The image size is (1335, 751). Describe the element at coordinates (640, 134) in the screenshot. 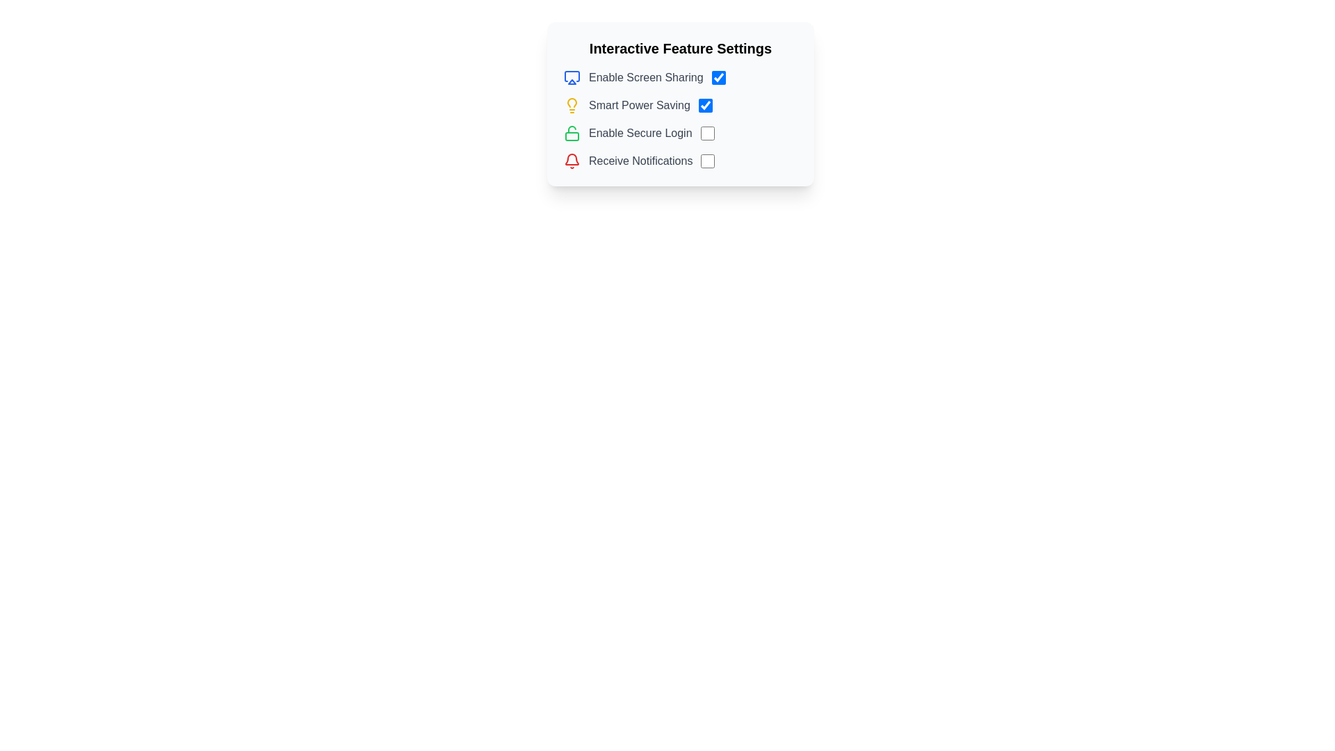

I see `the text label 'Enable Secure Login' in the third row of the settings panel, positioned between a lock icon and a checkbox` at that location.